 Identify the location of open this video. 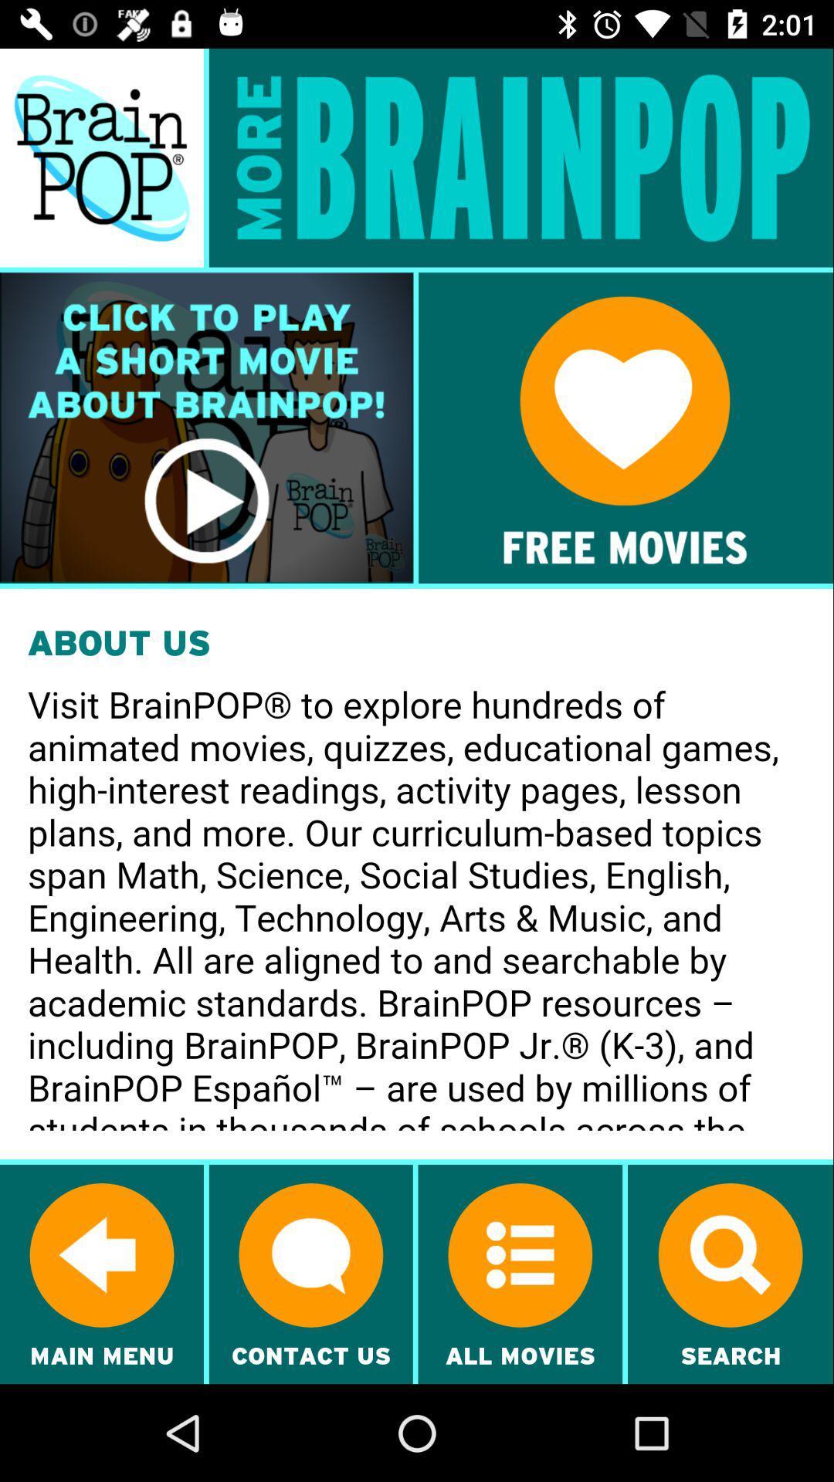
(205, 428).